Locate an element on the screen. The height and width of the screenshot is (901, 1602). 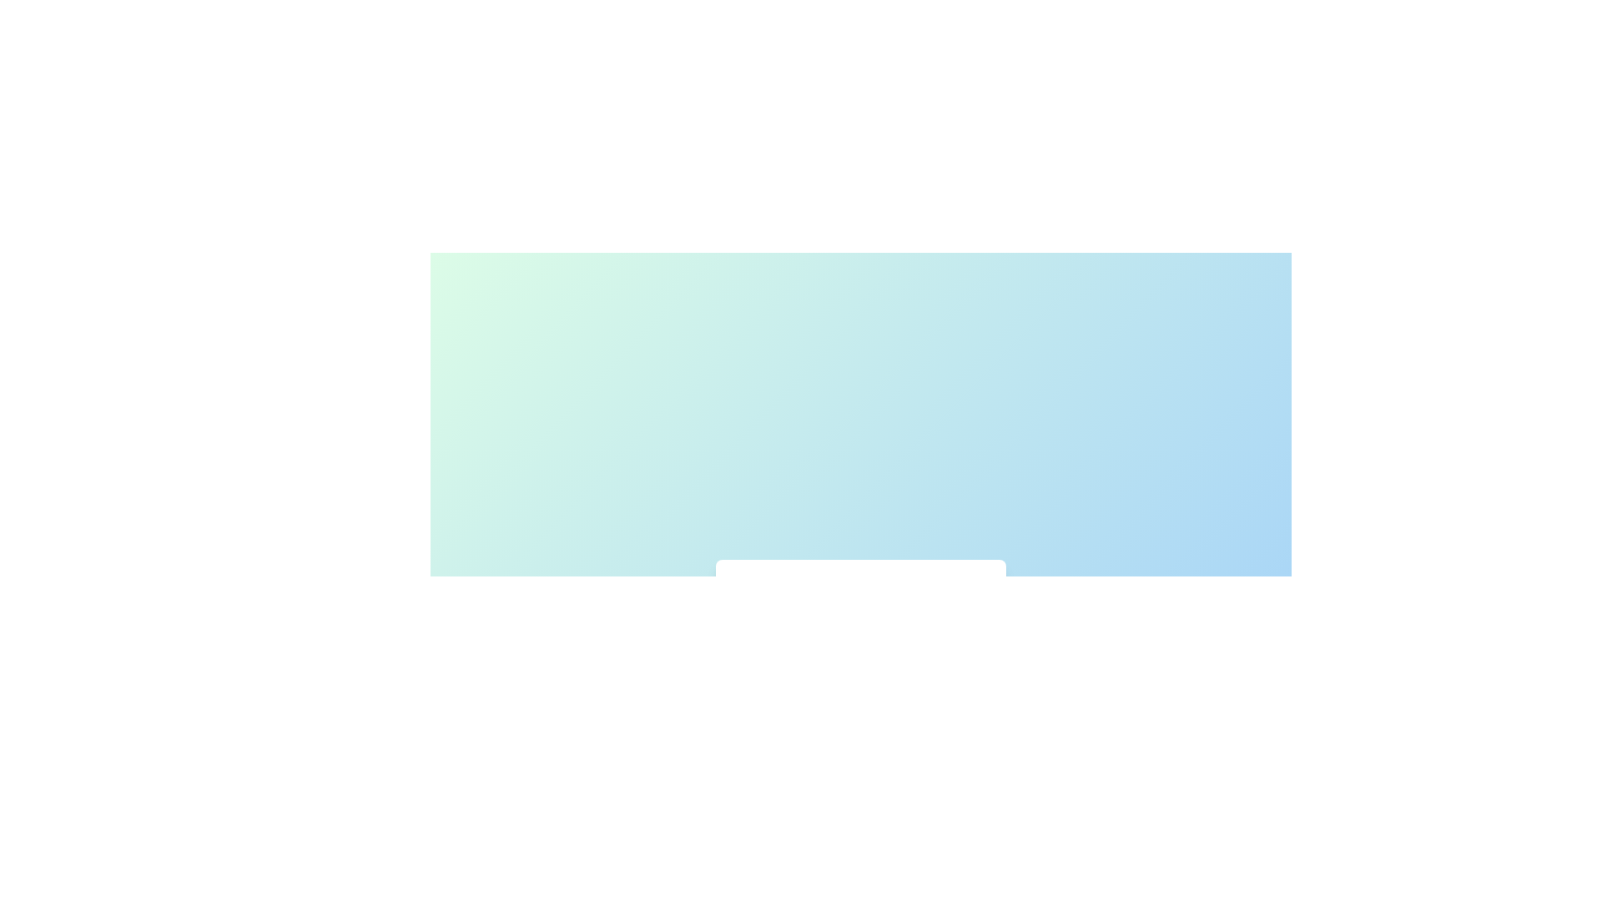
small rectangular component with rounded corners, styled in gray, which is the second rectangle in a row of three within the SVG QR code representation, using developer tools is located at coordinates (889, 650).